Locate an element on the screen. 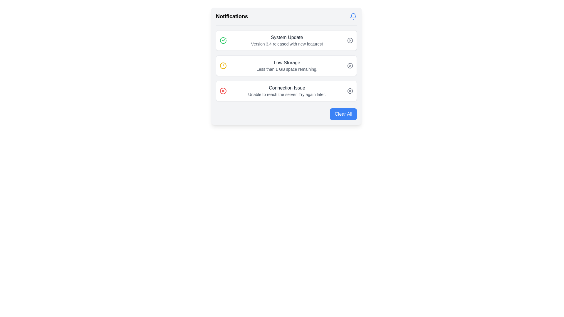 The height and width of the screenshot is (317, 564). the Text Label that serves as a heading for the notifications section, located in the top-left area of the notification card interface is located at coordinates (231, 16).